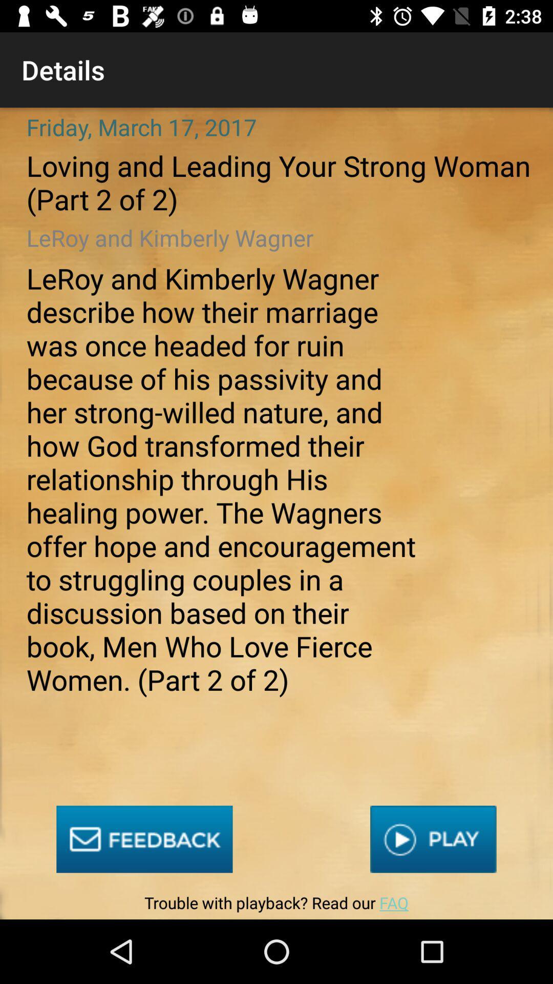 This screenshot has width=553, height=984. What do you see at coordinates (433, 839) in the screenshot?
I see `the skip_next icon` at bounding box center [433, 839].